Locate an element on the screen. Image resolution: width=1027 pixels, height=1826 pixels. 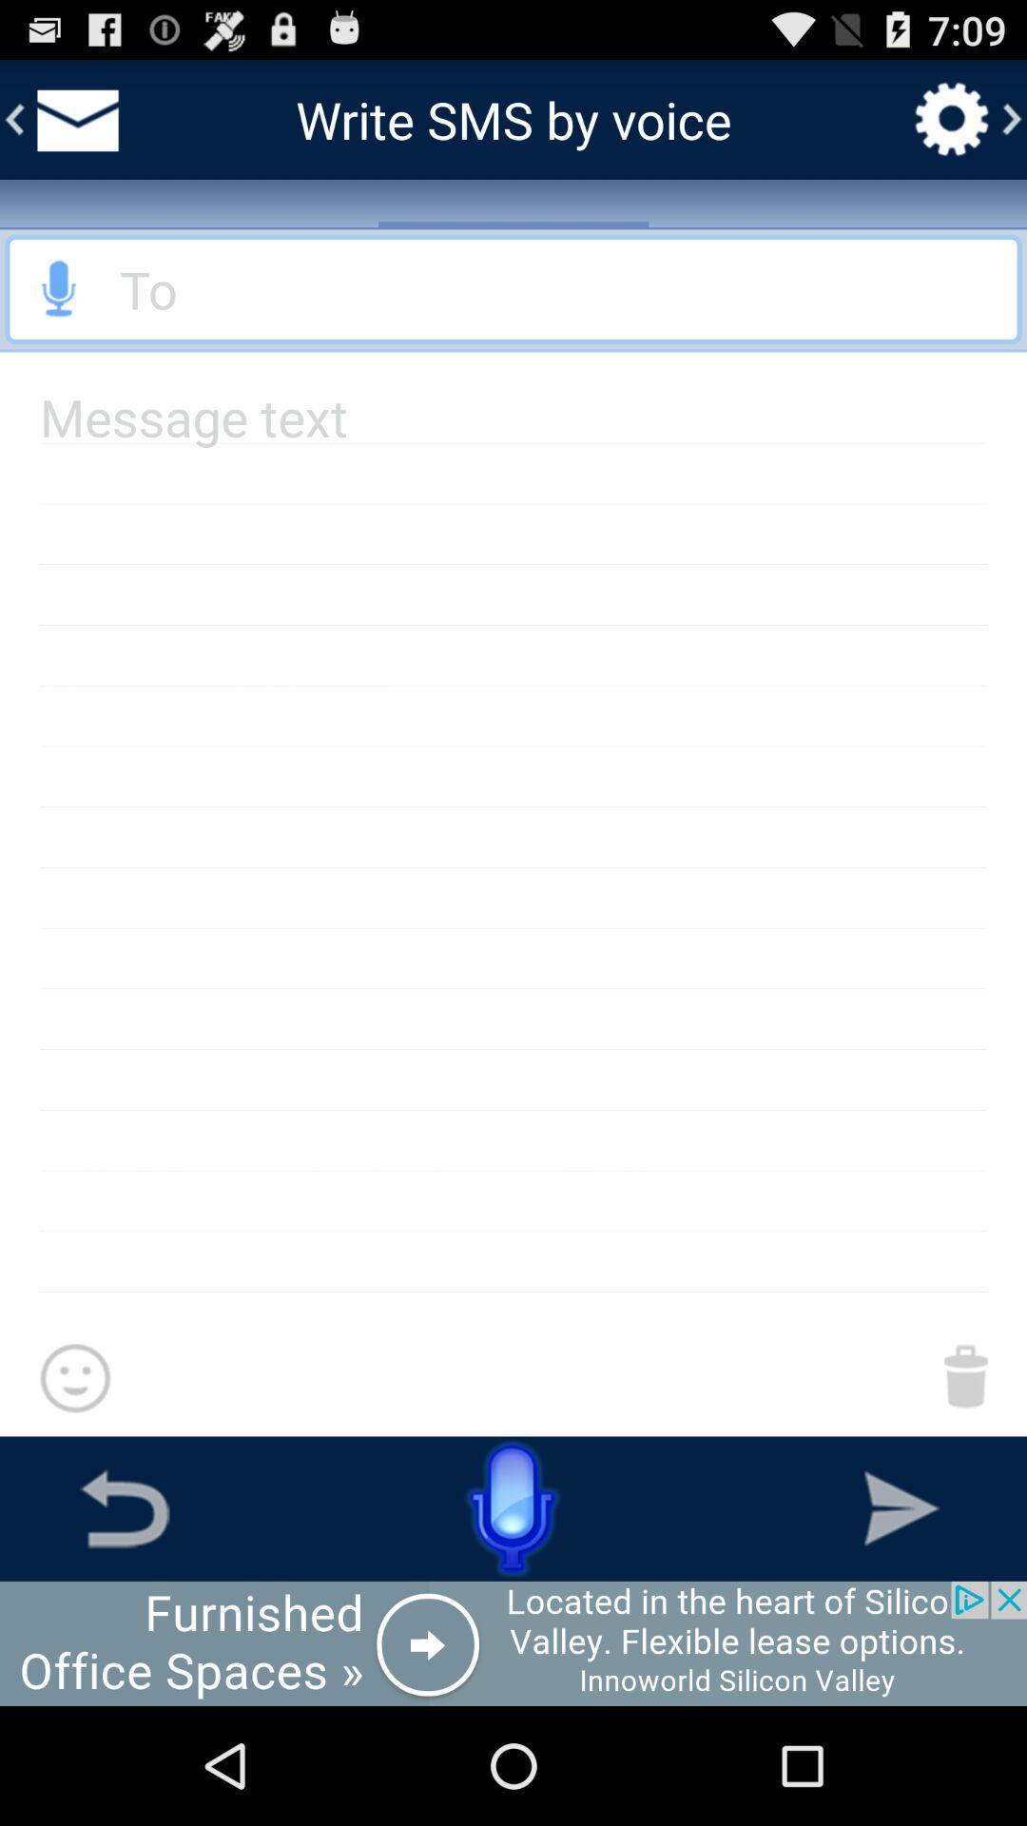
click the advertisement for furnished office space is located at coordinates (513, 1642).